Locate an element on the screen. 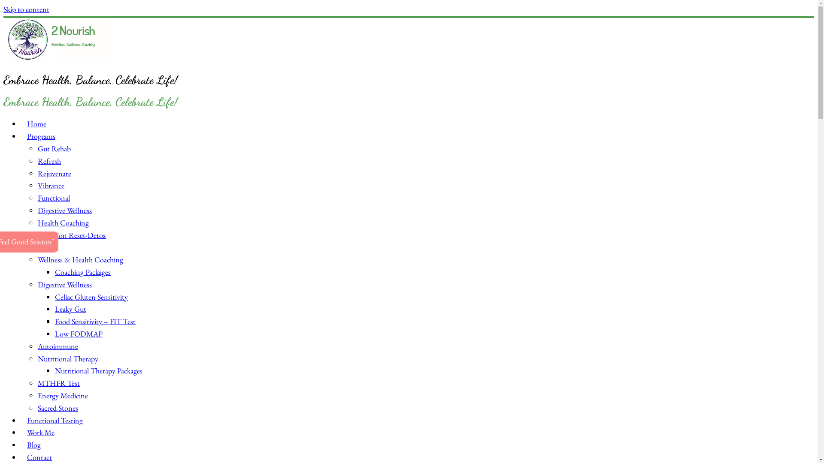  'Energy Medicine' is located at coordinates (37, 395).